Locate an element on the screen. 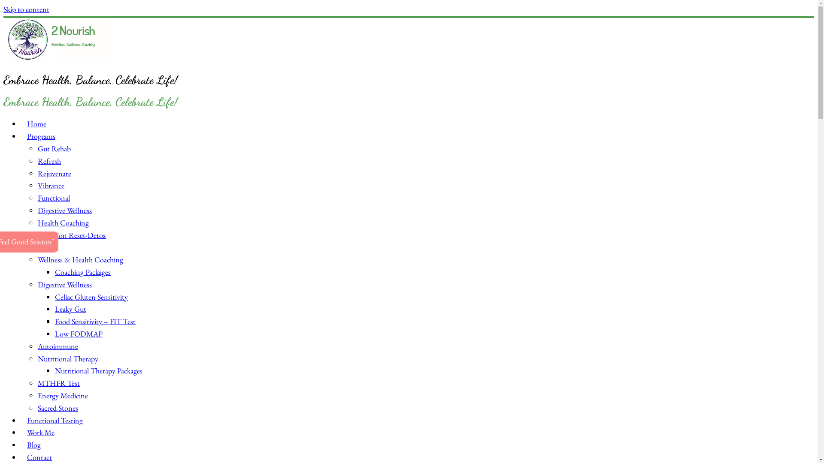  'Energy Medicine' is located at coordinates (37, 395).